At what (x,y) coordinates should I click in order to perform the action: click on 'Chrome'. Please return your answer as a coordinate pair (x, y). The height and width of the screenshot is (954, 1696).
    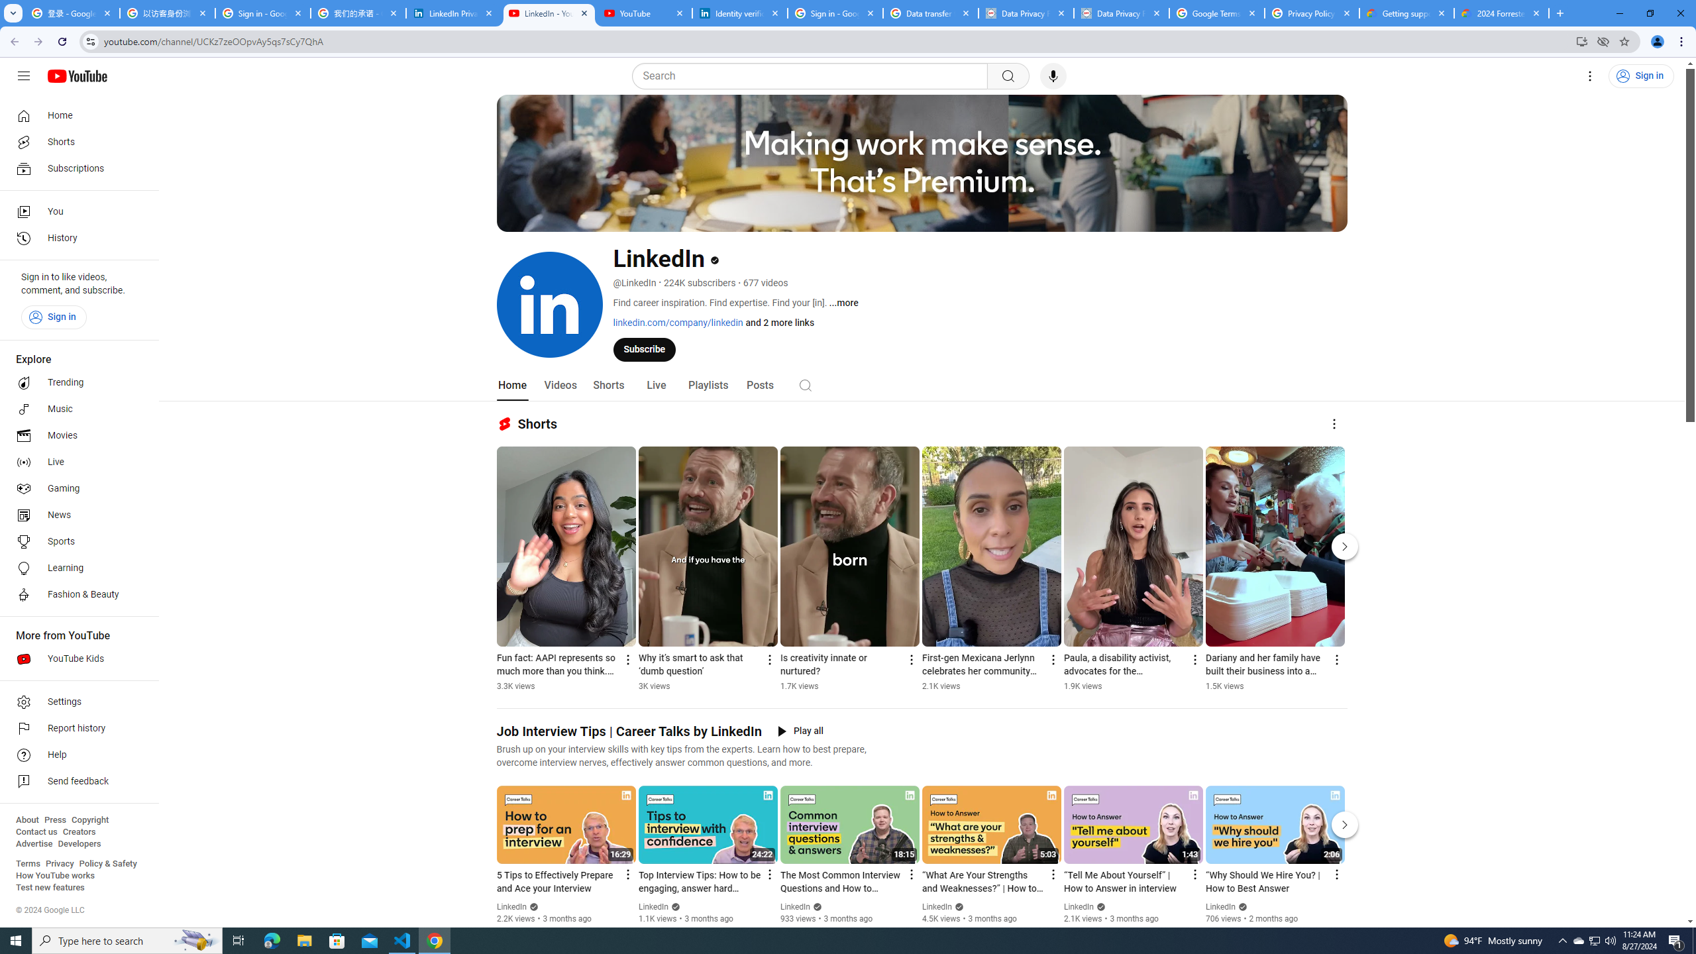
    Looking at the image, I should click on (1682, 41).